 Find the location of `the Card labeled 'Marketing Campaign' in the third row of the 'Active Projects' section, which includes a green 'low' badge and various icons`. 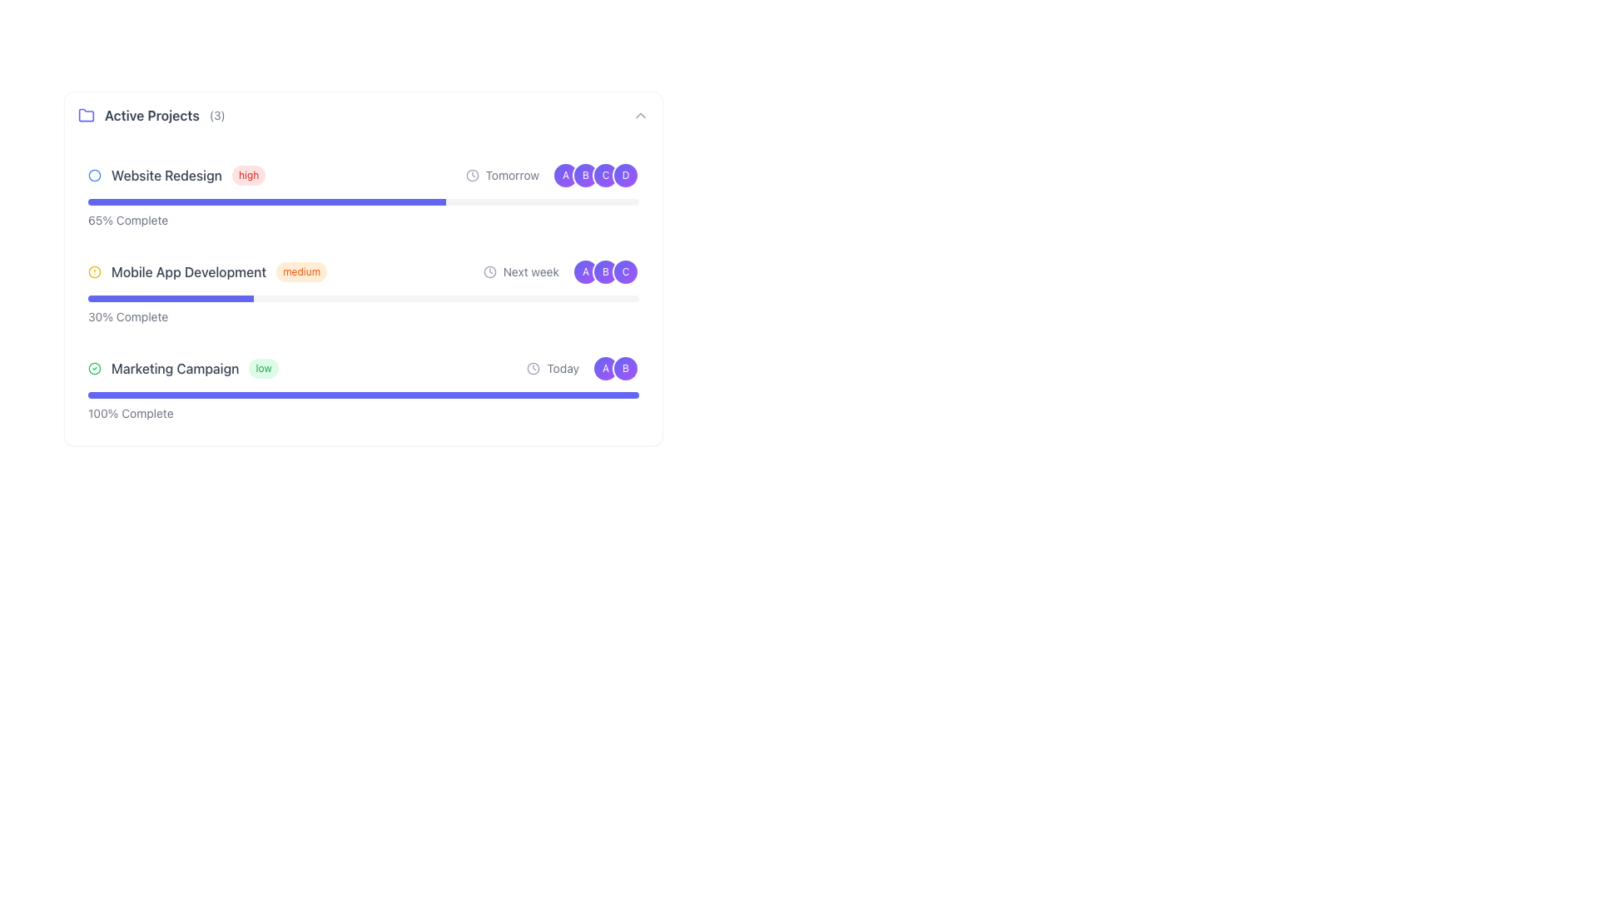

the Card labeled 'Marketing Campaign' in the third row of the 'Active Projects' section, which includes a green 'low' badge and various icons is located at coordinates (362, 368).